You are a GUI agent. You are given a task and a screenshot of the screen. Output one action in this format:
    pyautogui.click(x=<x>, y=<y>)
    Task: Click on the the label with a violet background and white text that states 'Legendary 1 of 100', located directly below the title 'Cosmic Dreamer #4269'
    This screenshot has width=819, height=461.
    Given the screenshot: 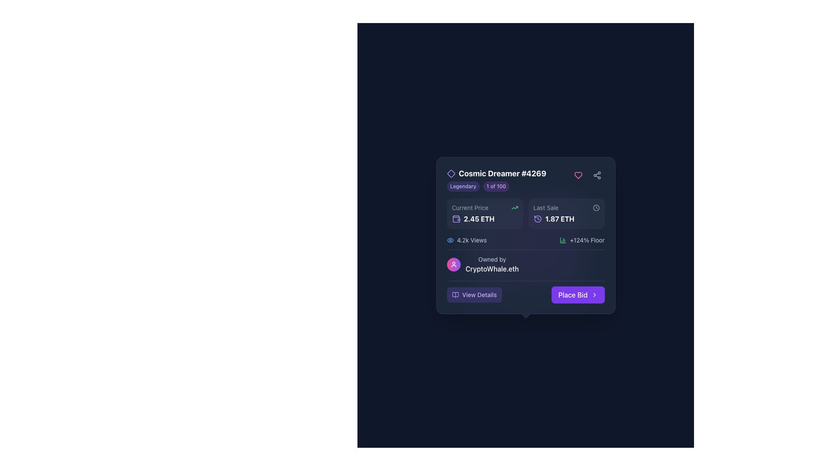 What is the action you would take?
    pyautogui.click(x=497, y=186)
    